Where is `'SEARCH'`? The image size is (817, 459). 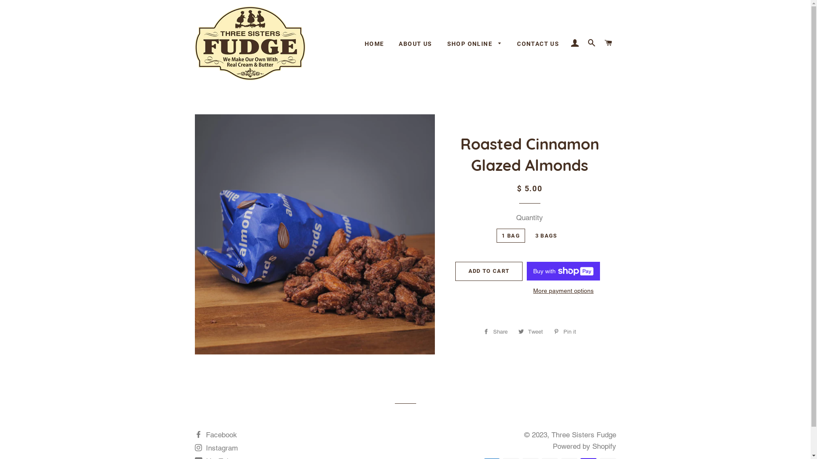 'SEARCH' is located at coordinates (584, 43).